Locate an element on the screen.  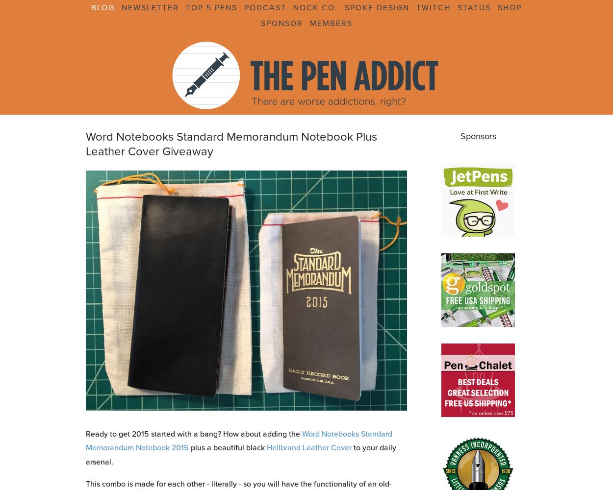
'Ready to get 2015 started with a bang? How about adding the' is located at coordinates (194, 433).